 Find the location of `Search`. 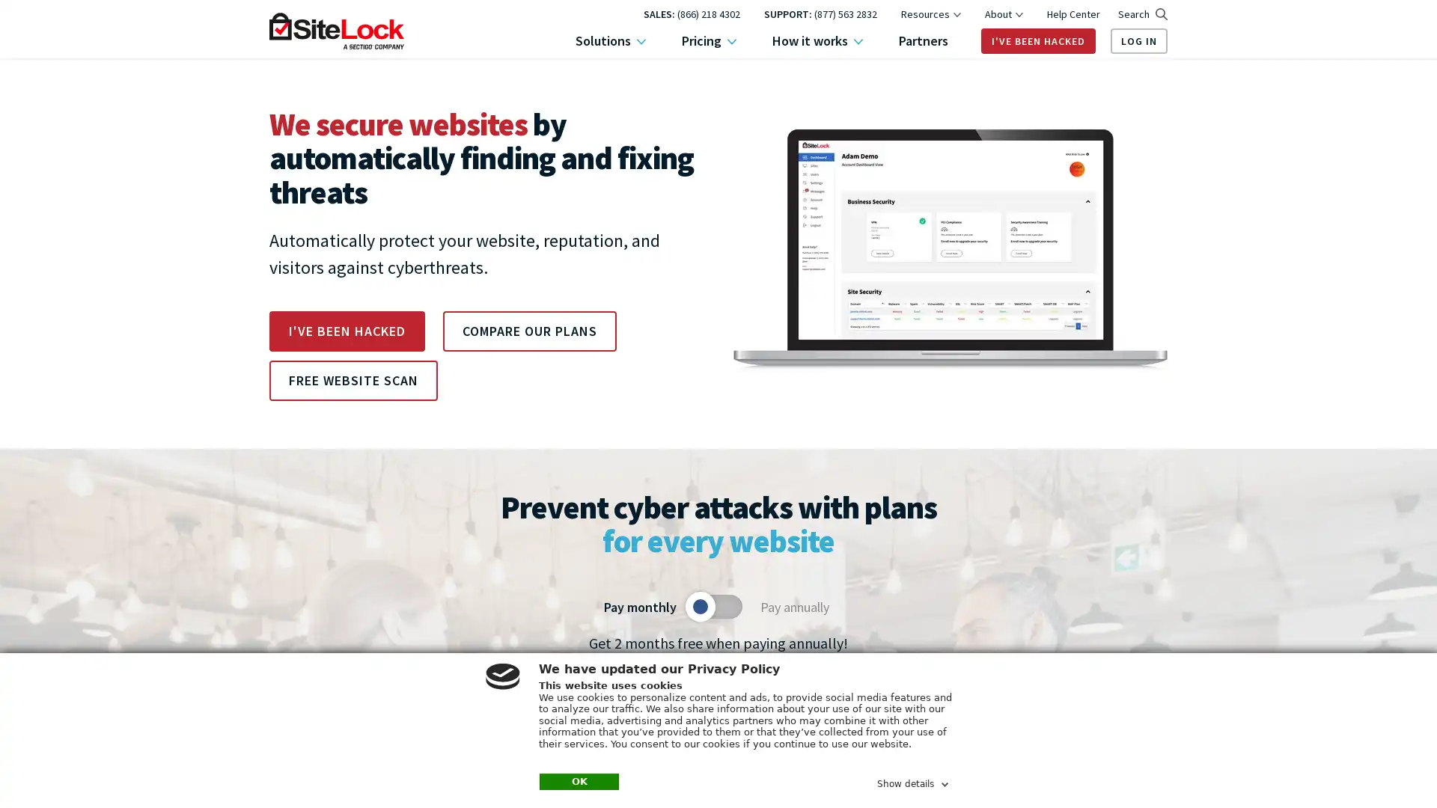

Search is located at coordinates (1141, 14).